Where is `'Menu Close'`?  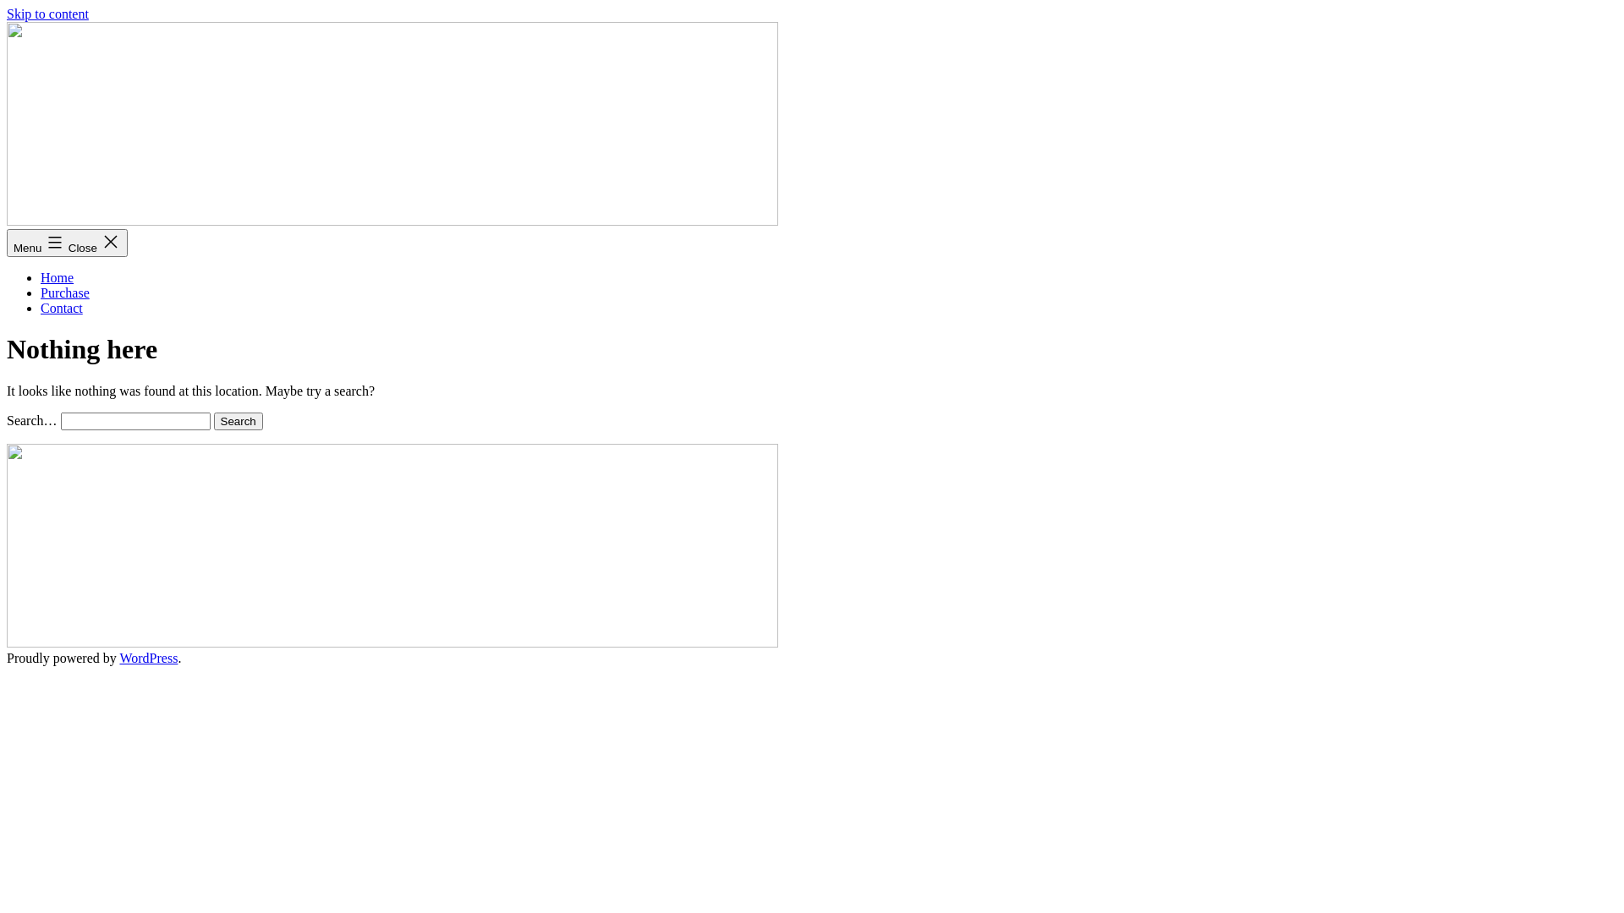 'Menu Close' is located at coordinates (67, 243).